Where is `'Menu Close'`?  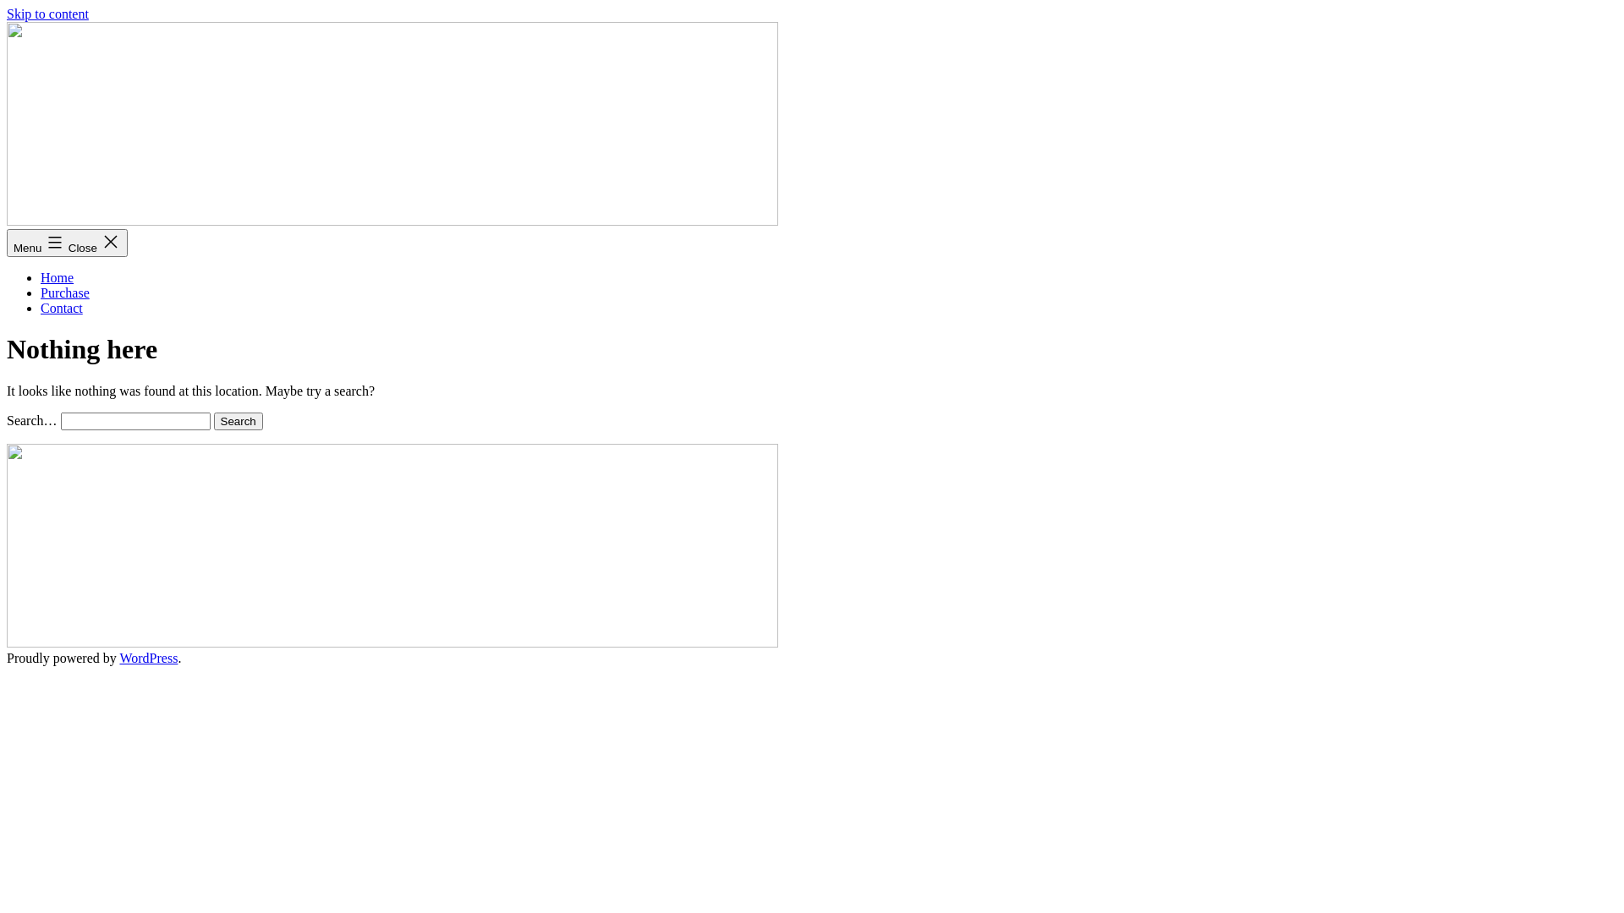 'Menu Close' is located at coordinates (67, 243).